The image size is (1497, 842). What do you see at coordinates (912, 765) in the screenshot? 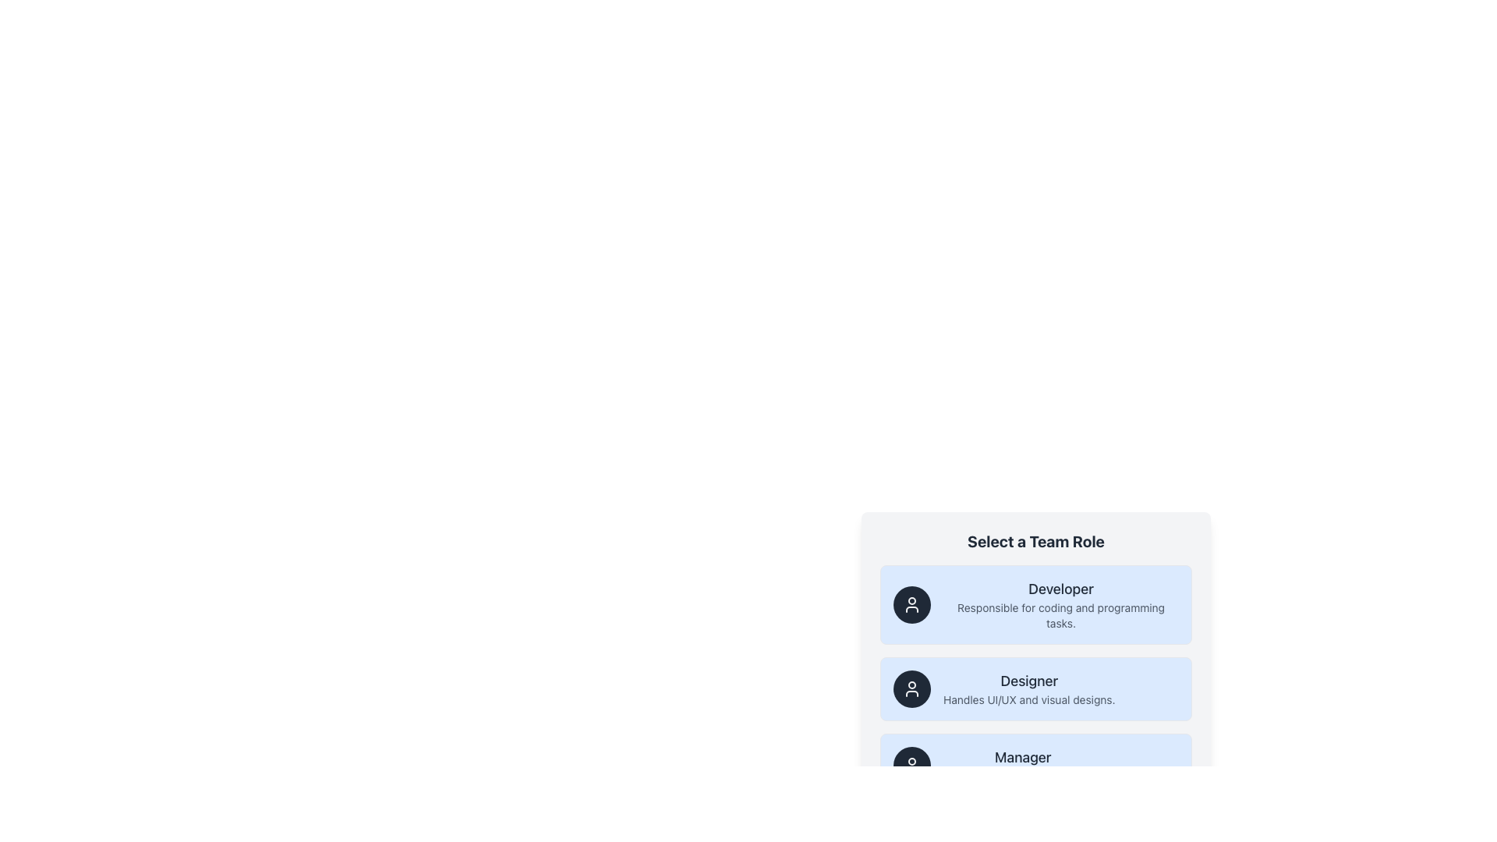
I see `the circular user figure icon with a dark gray background and white outline, located in the 'Manager' section of the role selection interface` at bounding box center [912, 765].